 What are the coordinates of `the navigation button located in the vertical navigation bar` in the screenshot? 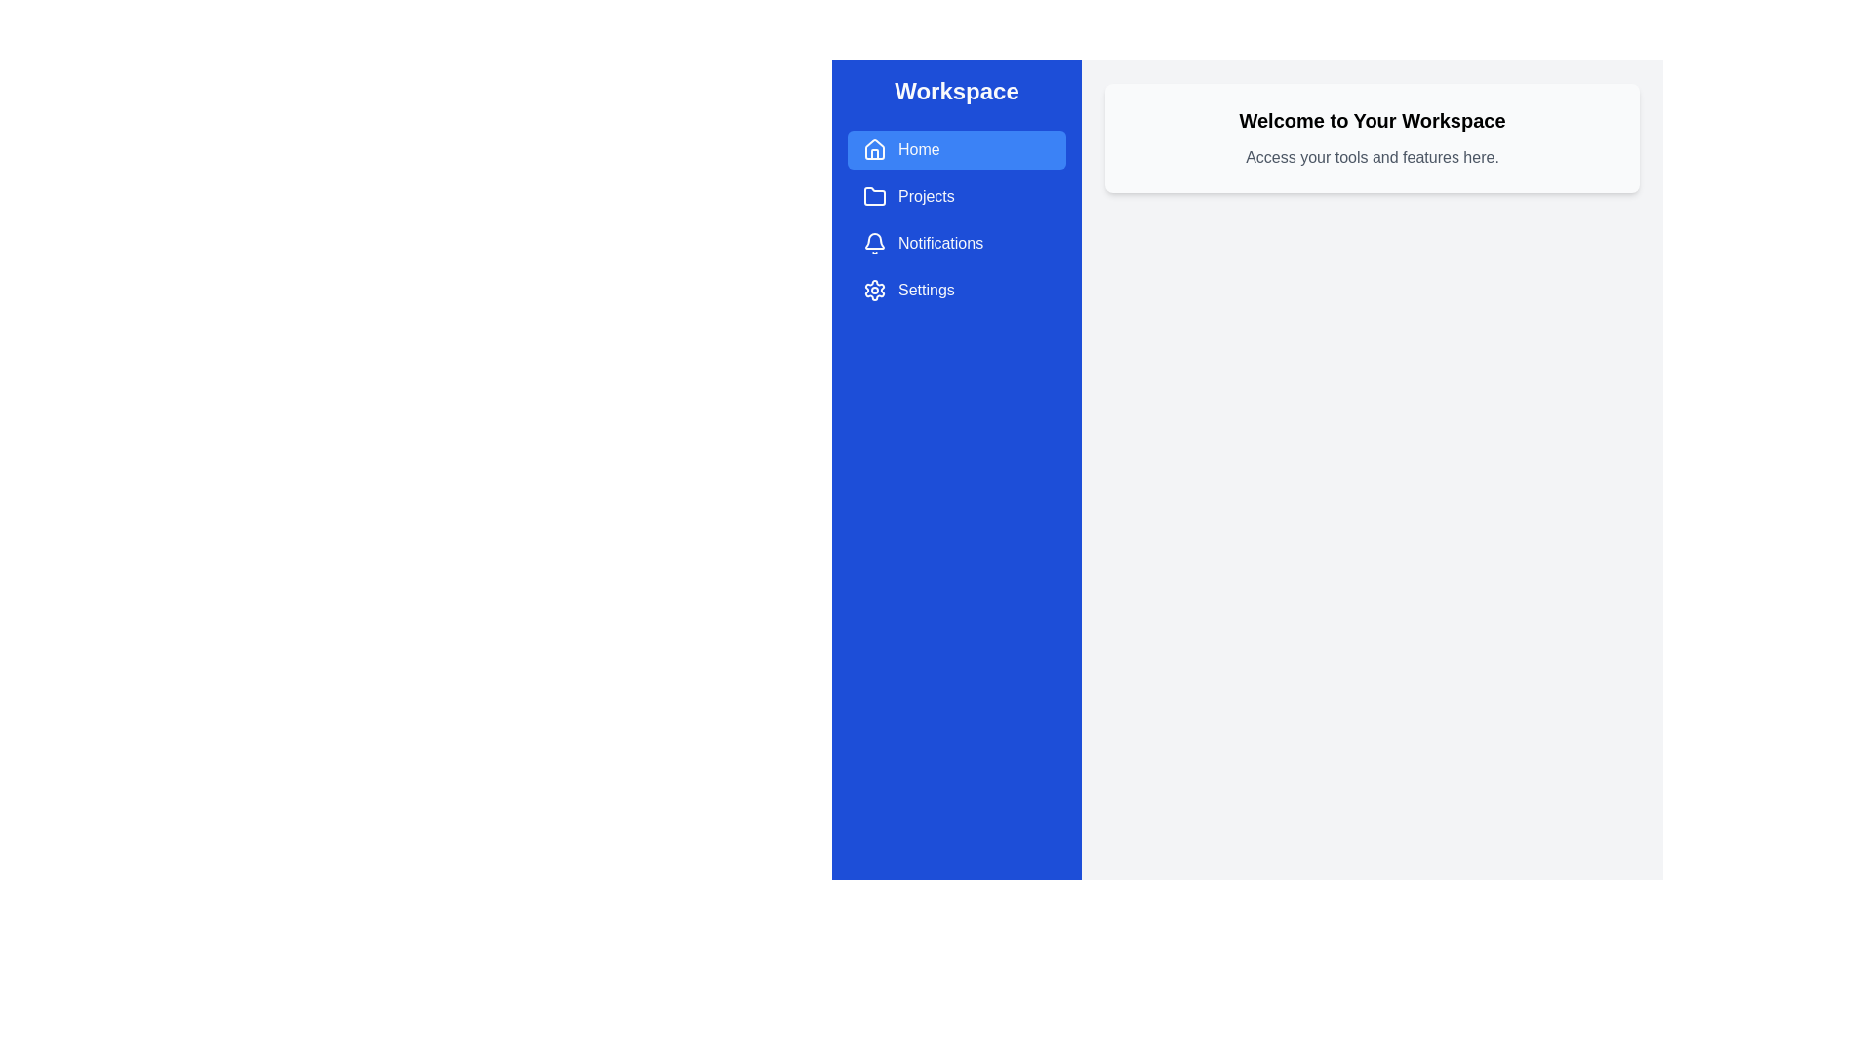 It's located at (956, 149).